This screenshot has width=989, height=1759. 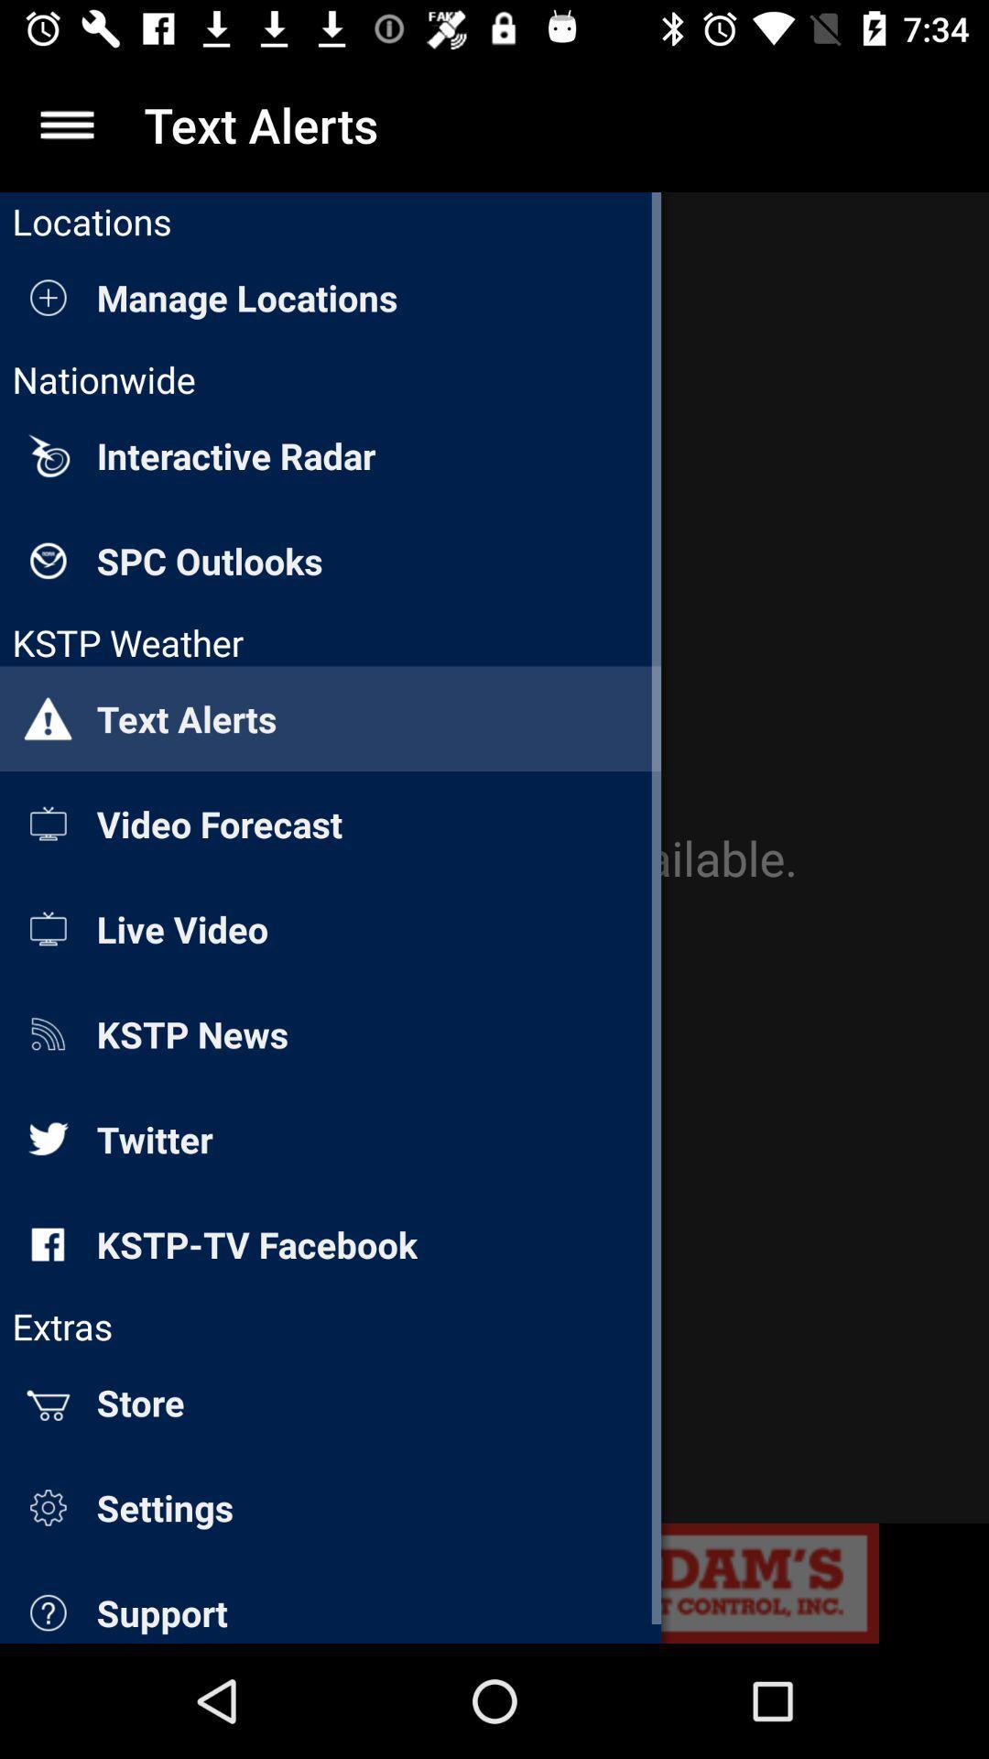 I want to click on item above no alerts currently item, so click(x=66, y=124).